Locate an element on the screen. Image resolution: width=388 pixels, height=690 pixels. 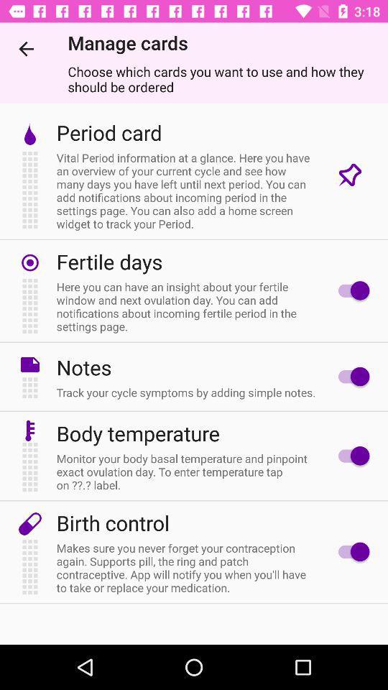
notifications option is located at coordinates (349, 376).